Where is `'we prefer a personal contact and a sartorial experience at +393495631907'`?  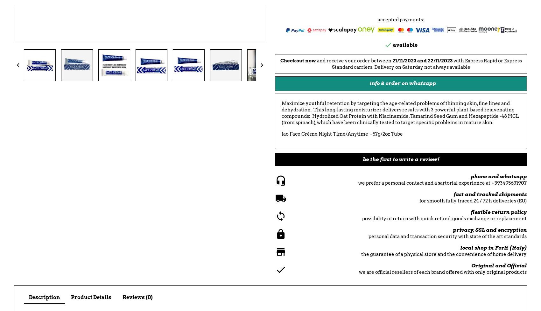
'we prefer a personal contact and a sartorial experience at +393495631907' is located at coordinates (442, 182).